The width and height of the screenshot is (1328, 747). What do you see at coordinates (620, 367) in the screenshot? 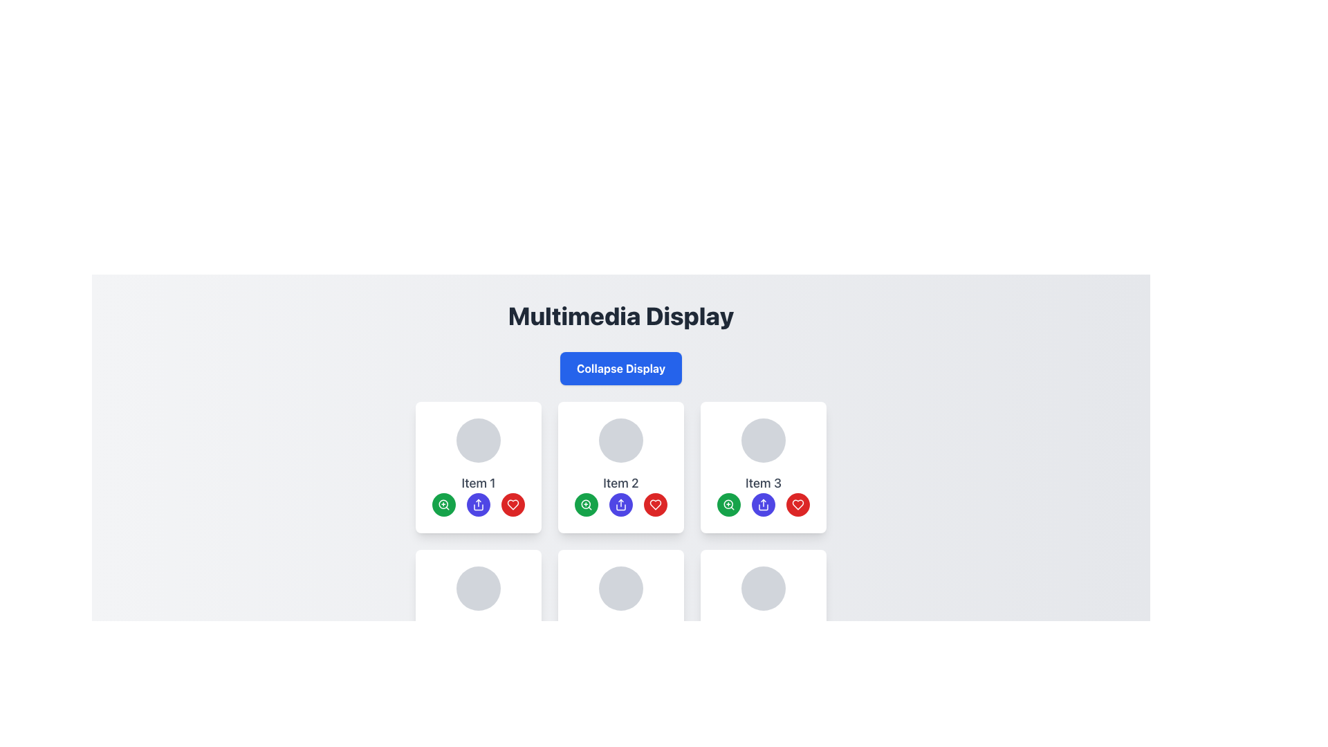
I see `the button that collapses or hides the multimedia display, located below the 'Multimedia Display' heading and above the item cards grid` at bounding box center [620, 367].